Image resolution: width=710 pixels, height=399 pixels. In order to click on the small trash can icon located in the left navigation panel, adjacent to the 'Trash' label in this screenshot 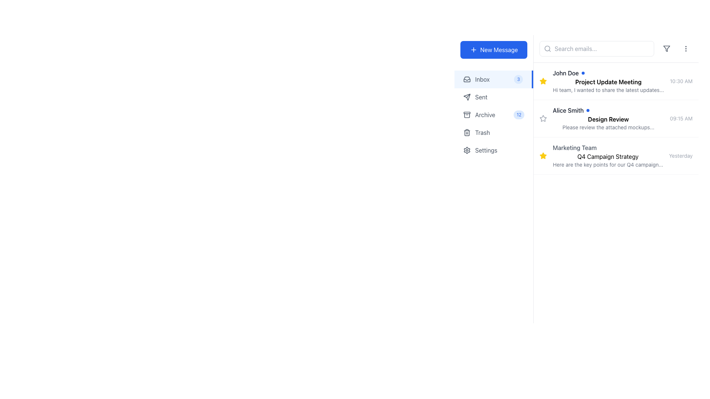, I will do `click(466, 132)`.